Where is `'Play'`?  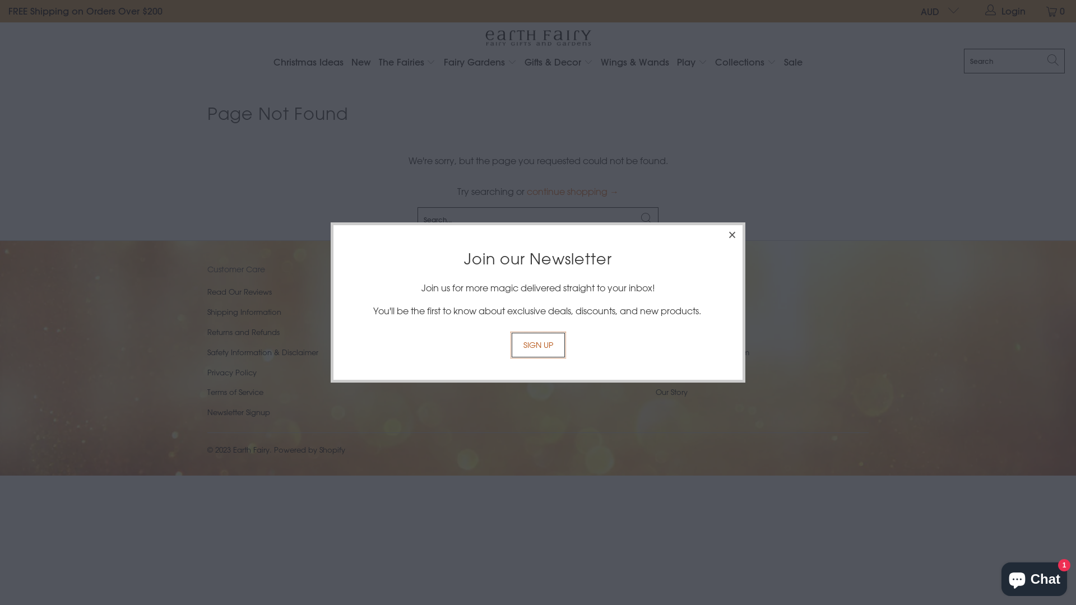 'Play' is located at coordinates (676, 63).